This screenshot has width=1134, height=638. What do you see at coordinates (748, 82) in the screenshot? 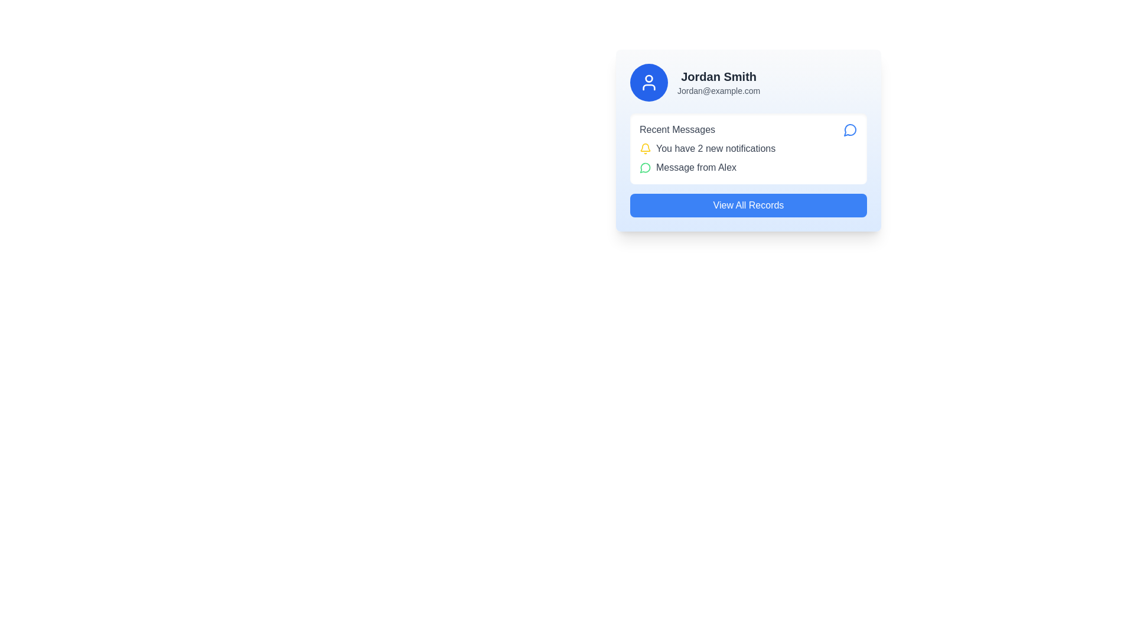
I see `the Profile display element containing a blue circular profile icon on the left and the name 'Jordan Smith' and email 'Jordan@example.com' aligned vertically on the right` at bounding box center [748, 82].